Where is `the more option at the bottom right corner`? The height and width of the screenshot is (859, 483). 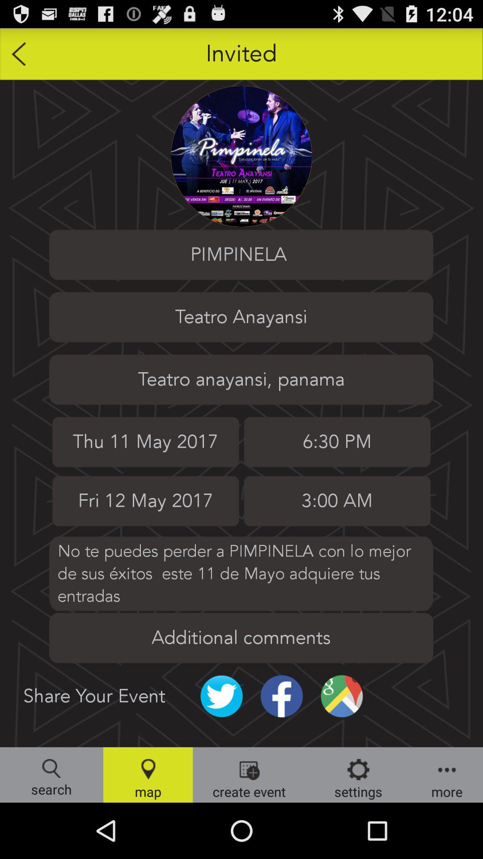 the more option at the bottom right corner is located at coordinates (447, 774).